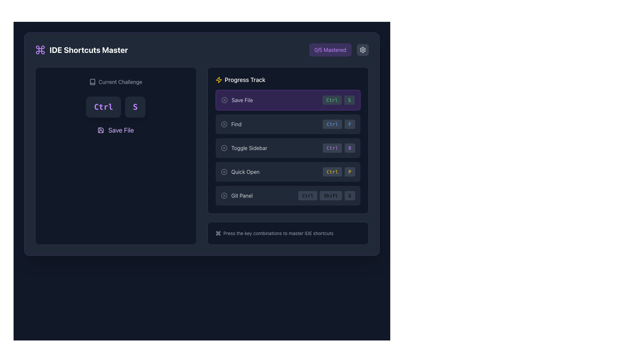  Describe the element at coordinates (339, 172) in the screenshot. I see `text 'Ctrl P' inside the Shortcut visual indicator located in the 'Quick Open' row of the 'Progress Track' section` at that location.